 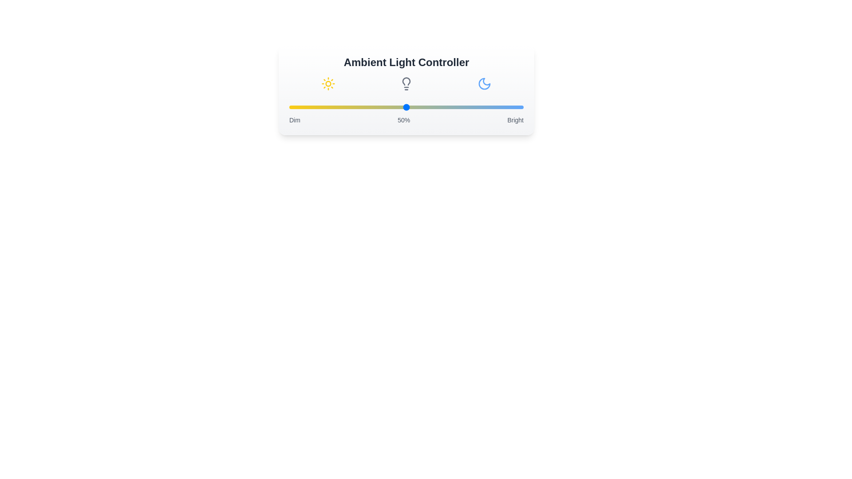 I want to click on the Sun icon to interact with it, so click(x=327, y=84).